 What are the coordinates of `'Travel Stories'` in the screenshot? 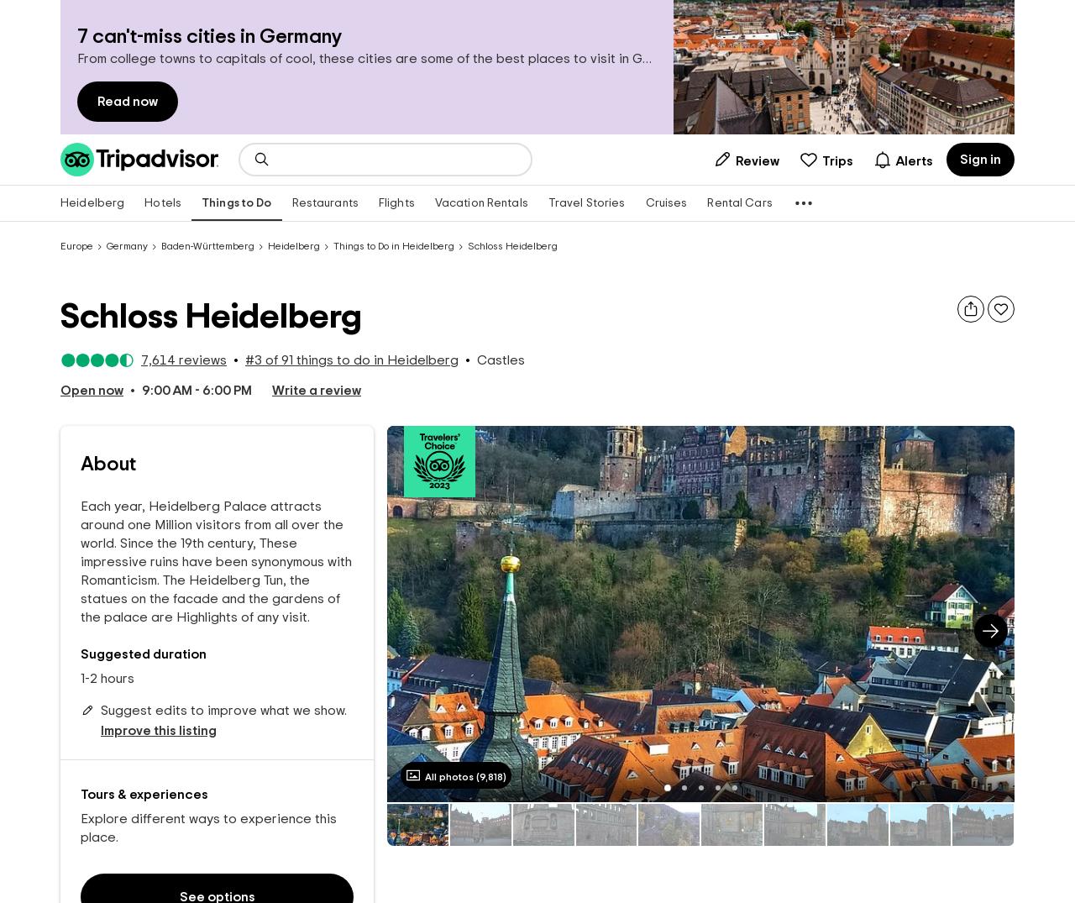 It's located at (585, 202).